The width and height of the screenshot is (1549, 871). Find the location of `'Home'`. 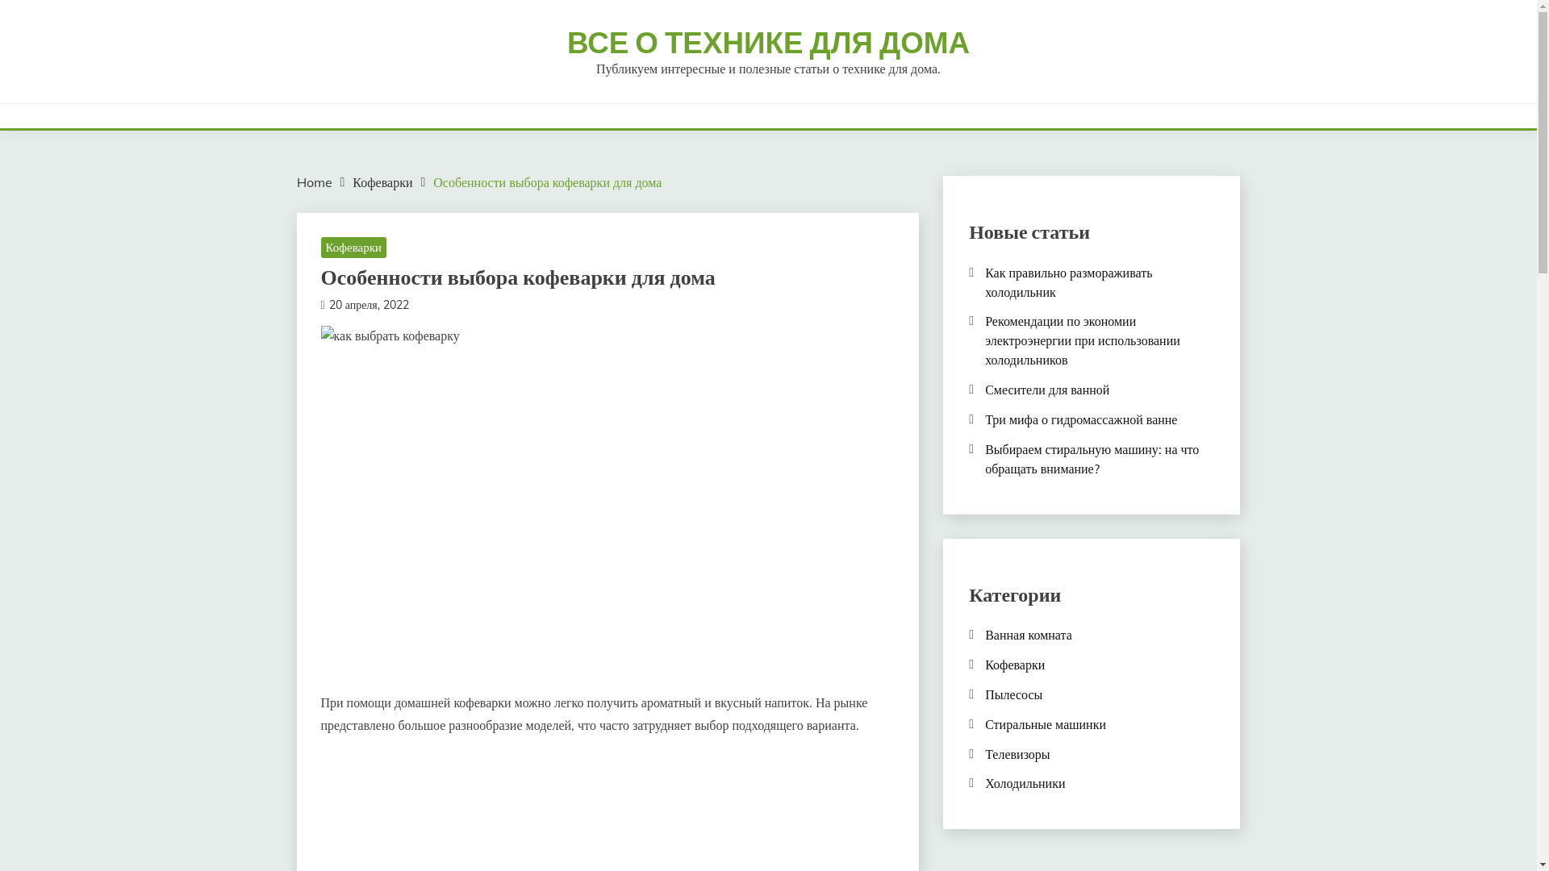

'Home' is located at coordinates (297, 181).